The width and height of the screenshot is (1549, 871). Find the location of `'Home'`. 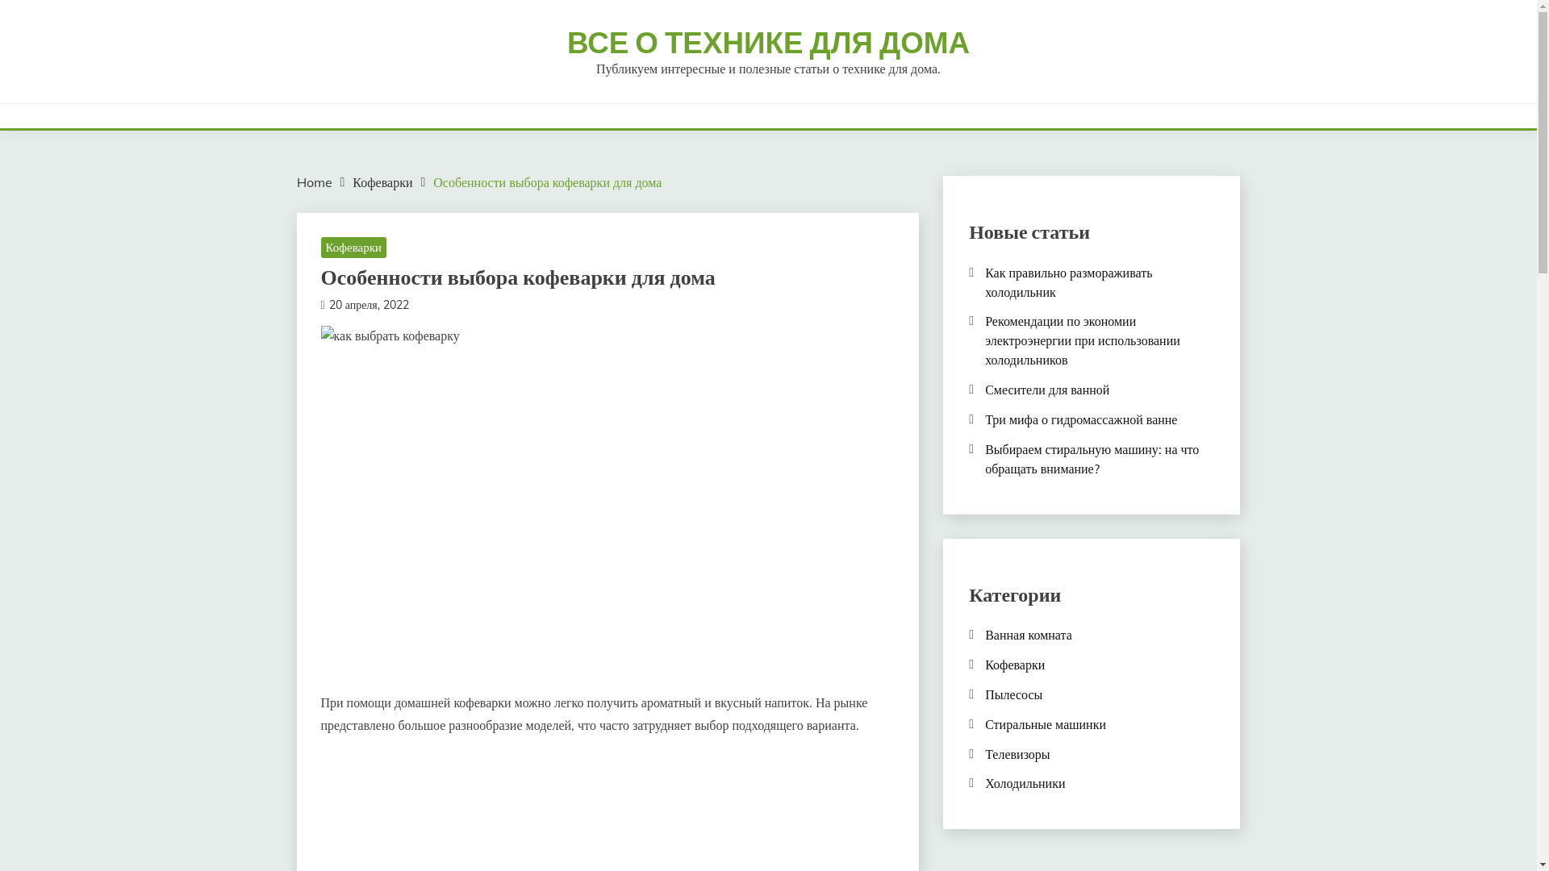

'Home' is located at coordinates (297, 181).